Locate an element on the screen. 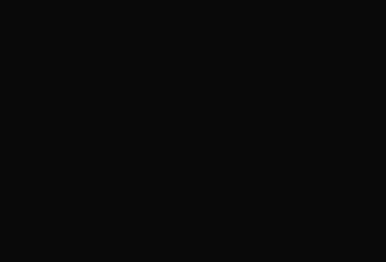 The width and height of the screenshot is (386, 262). '. All rights reserved.' is located at coordinates (98, 125).